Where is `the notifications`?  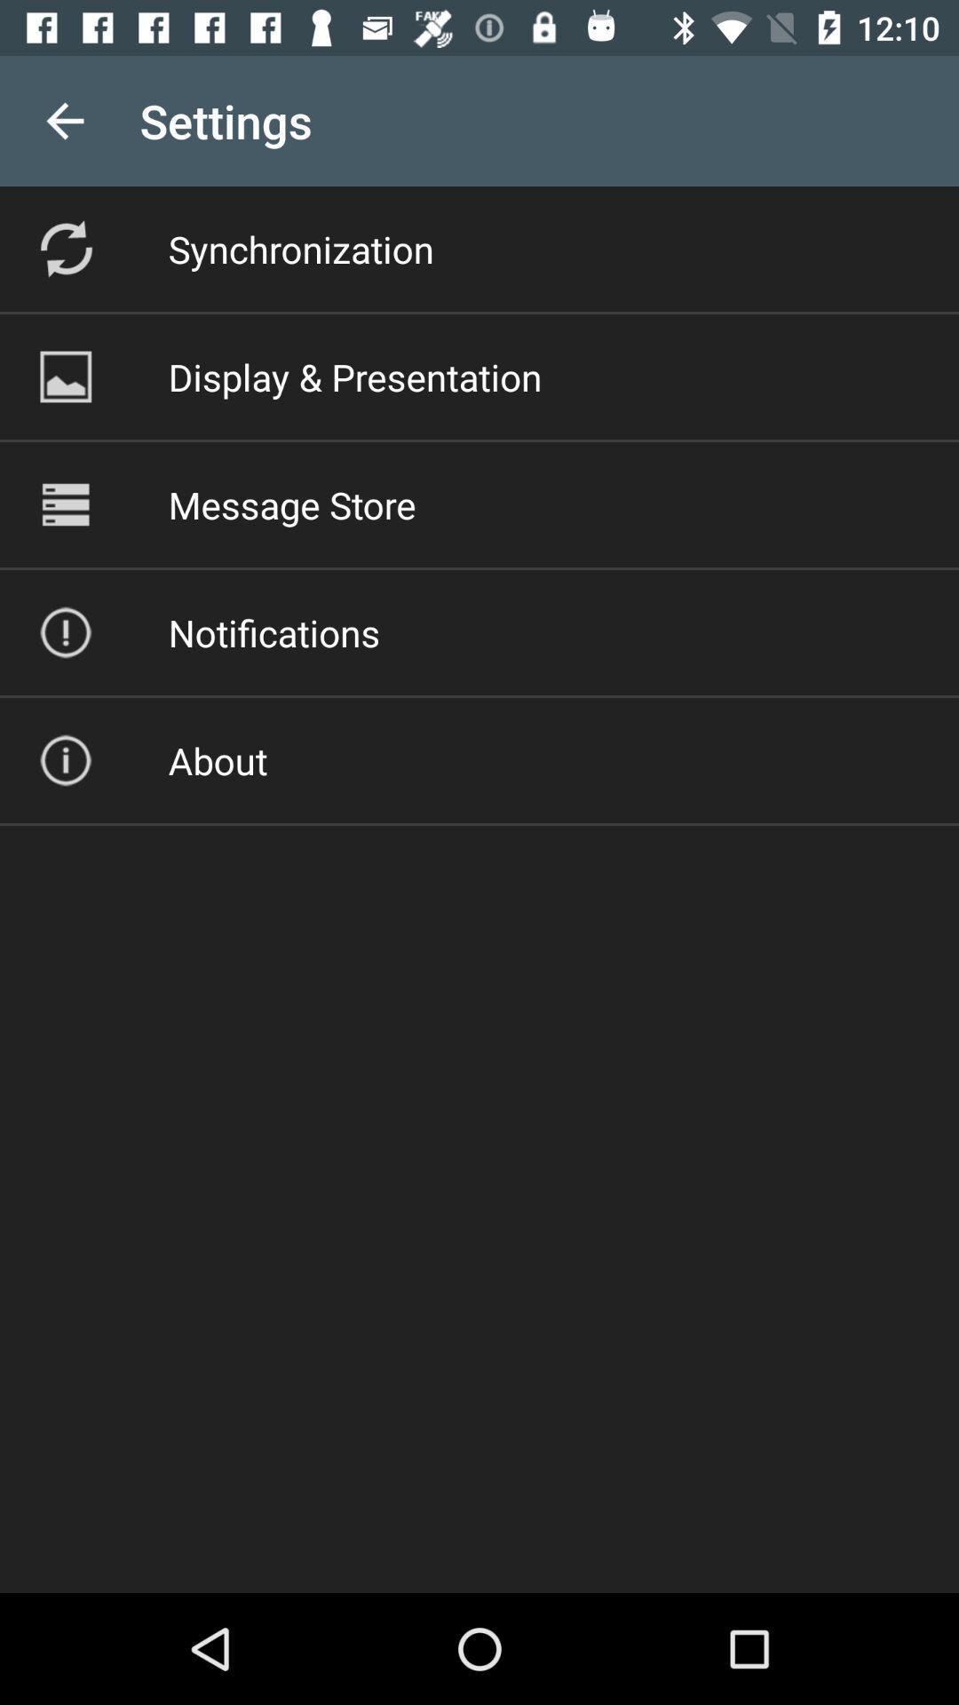 the notifications is located at coordinates (273, 632).